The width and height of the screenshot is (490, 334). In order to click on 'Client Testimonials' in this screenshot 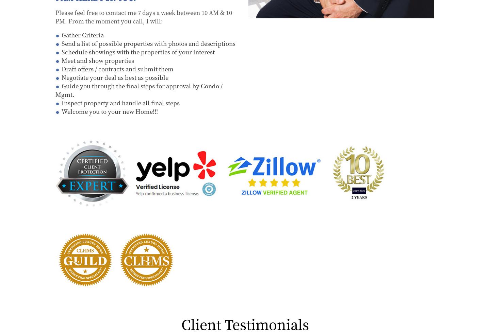, I will do `click(180, 323)`.